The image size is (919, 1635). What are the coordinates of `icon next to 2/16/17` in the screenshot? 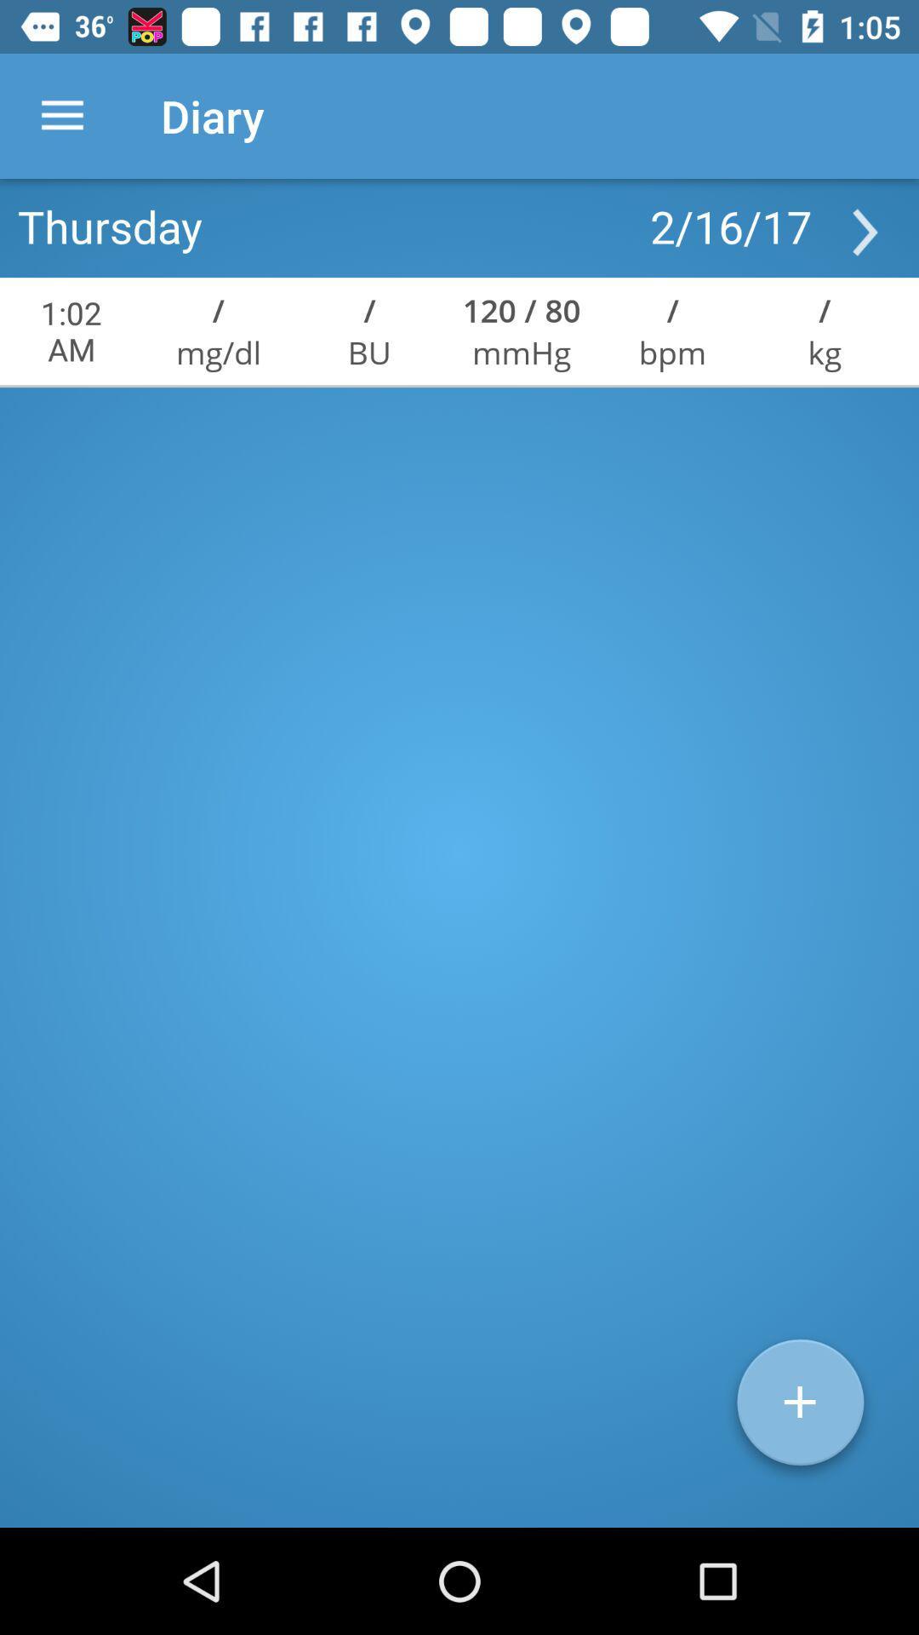 It's located at (110, 225).